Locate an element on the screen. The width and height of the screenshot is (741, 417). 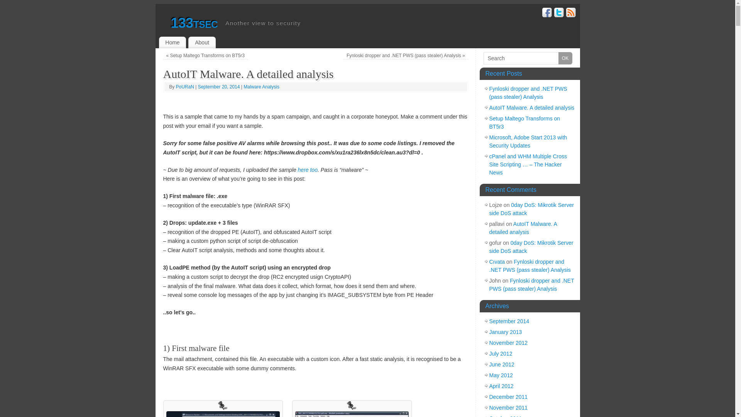
'September 20, 2014' is located at coordinates (219, 86).